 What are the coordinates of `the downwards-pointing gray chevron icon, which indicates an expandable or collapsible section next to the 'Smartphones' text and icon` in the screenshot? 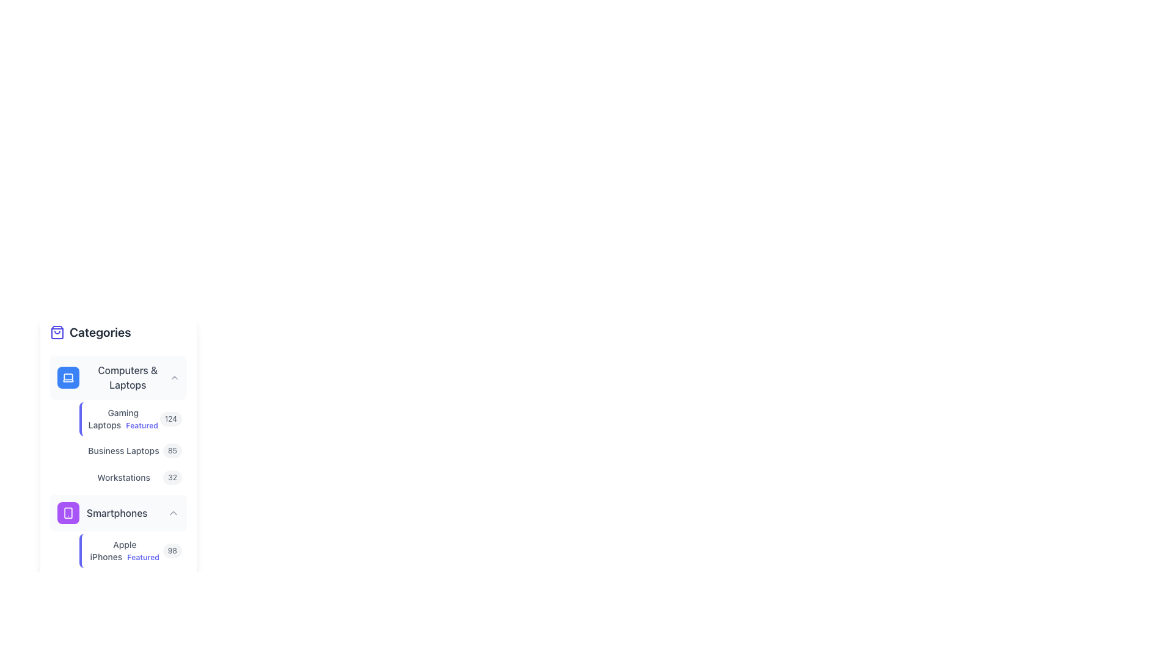 It's located at (172, 513).